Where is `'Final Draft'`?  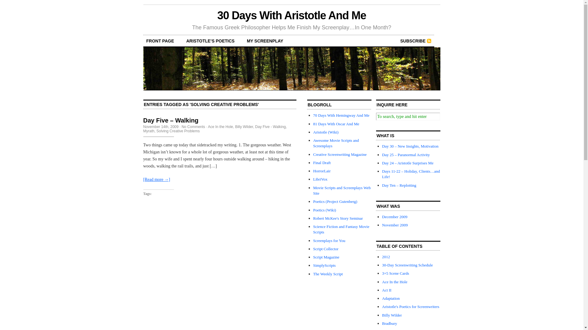
'Final Draft' is located at coordinates (321, 162).